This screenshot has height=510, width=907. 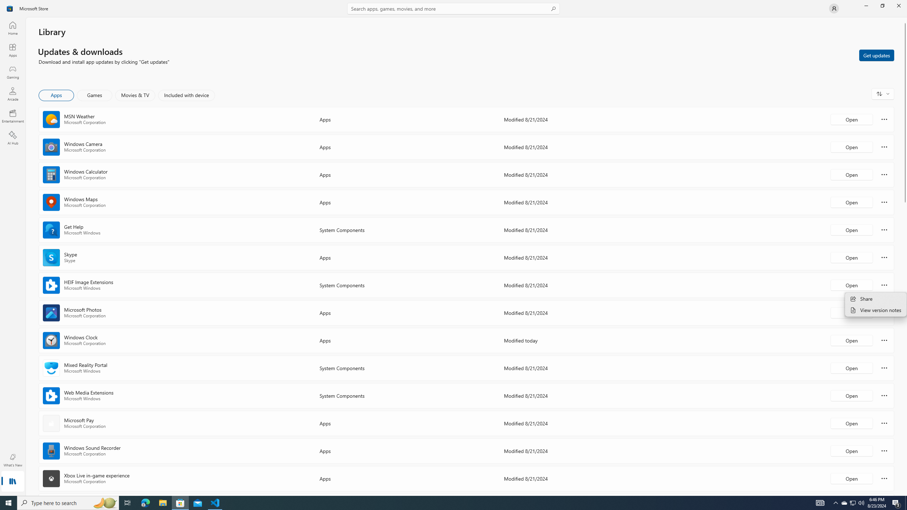 I want to click on 'More options', so click(x=884, y=478).